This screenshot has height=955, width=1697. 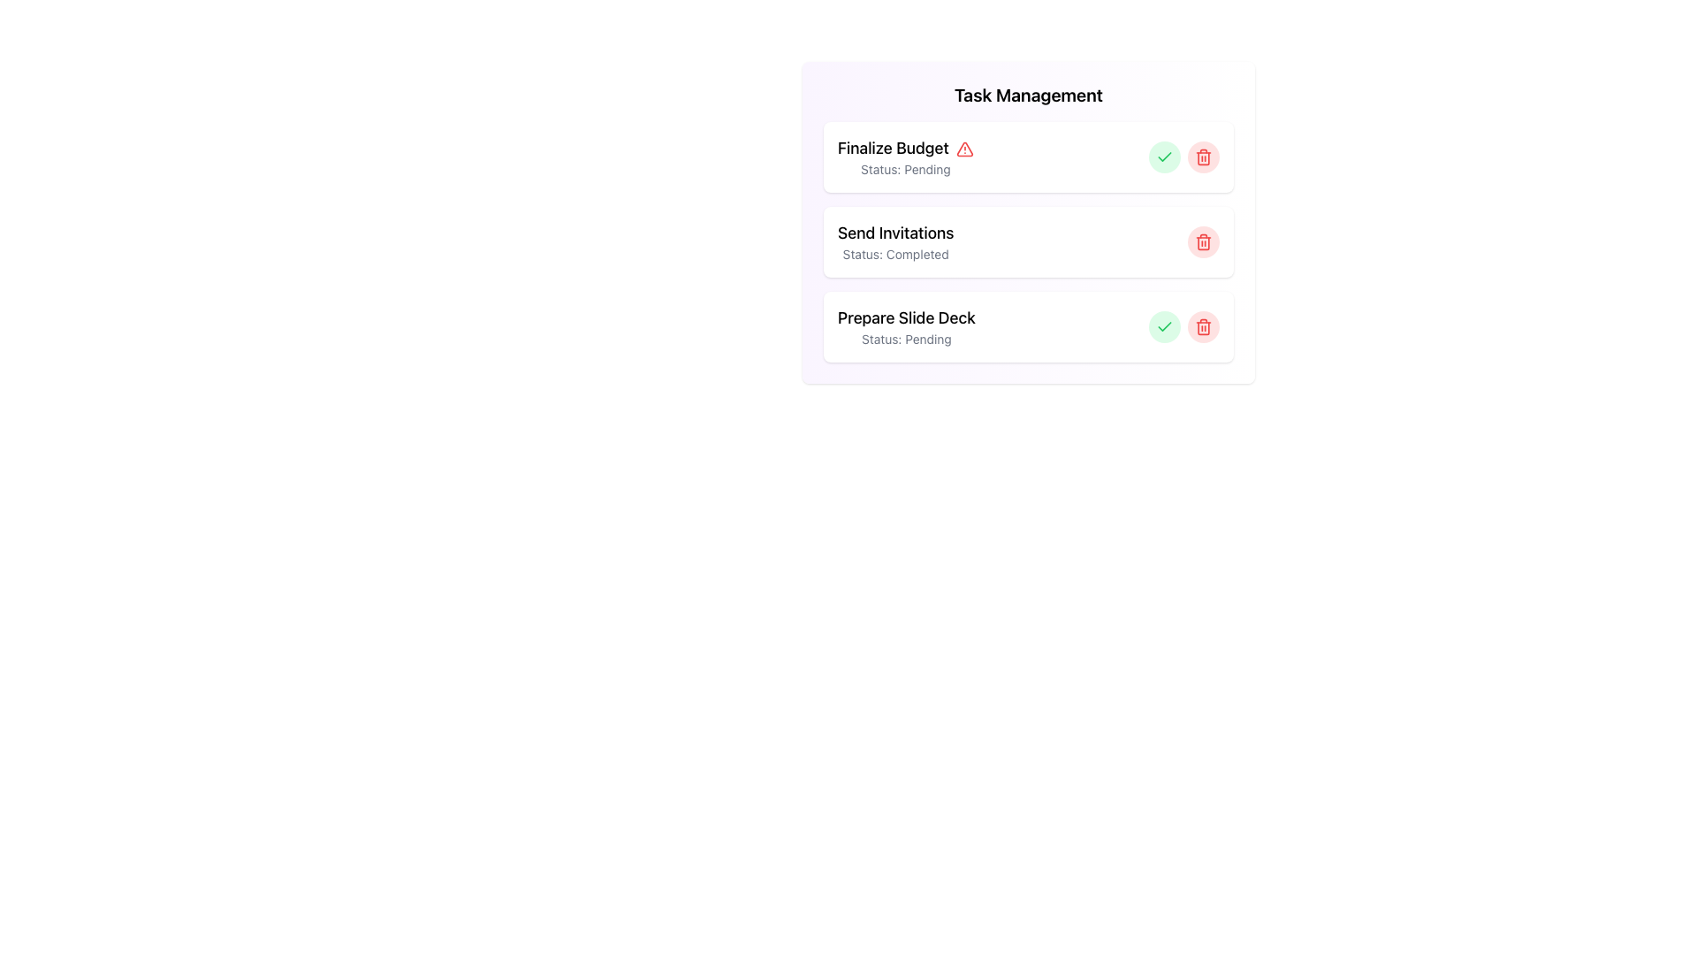 What do you see at coordinates (895, 232) in the screenshot?
I see `text from the second title text label in the task management interface, located below 'Finalize Budget' and above 'Prepare Slide Deck'` at bounding box center [895, 232].